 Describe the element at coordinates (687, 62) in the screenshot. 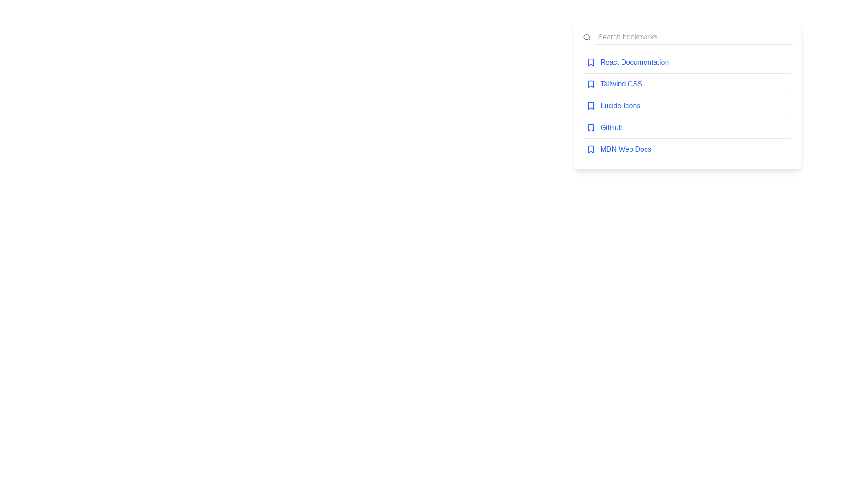

I see `the bookmark titled 'React Documentation'` at that location.